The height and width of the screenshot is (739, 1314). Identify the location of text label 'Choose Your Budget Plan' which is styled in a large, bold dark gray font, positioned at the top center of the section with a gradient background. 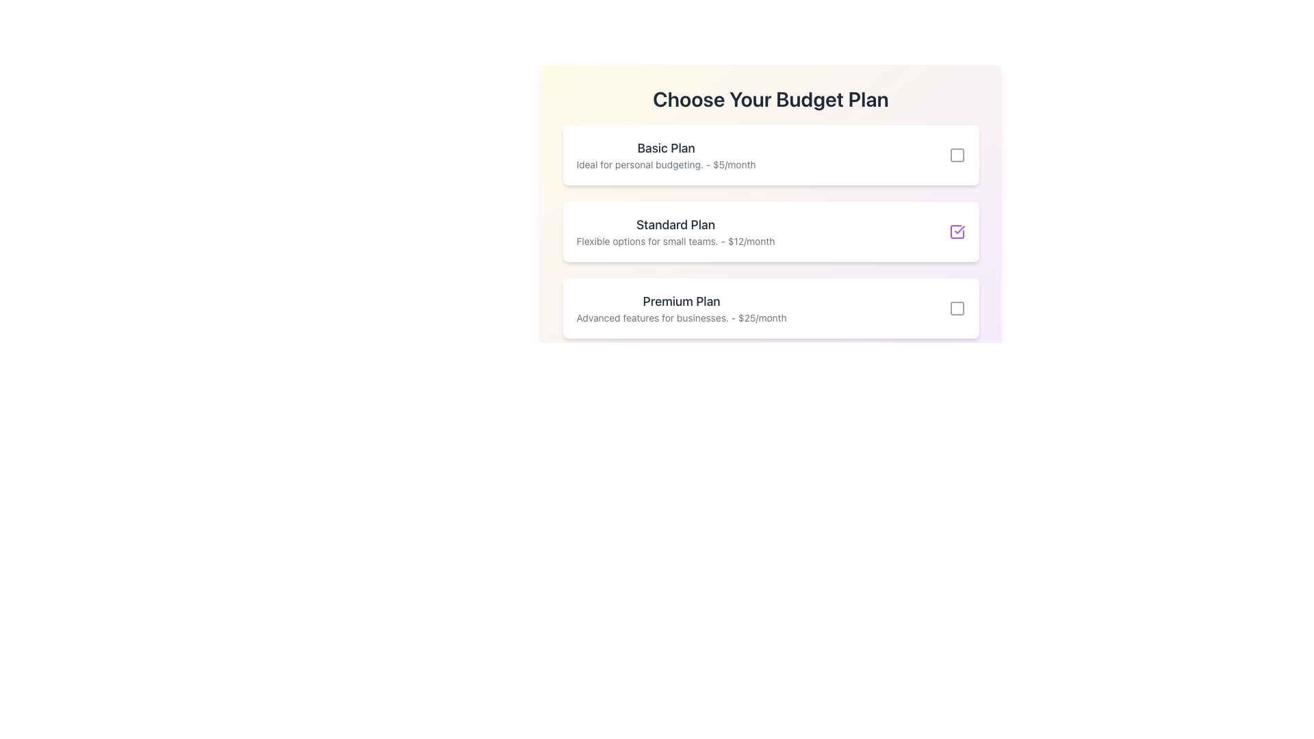
(771, 99).